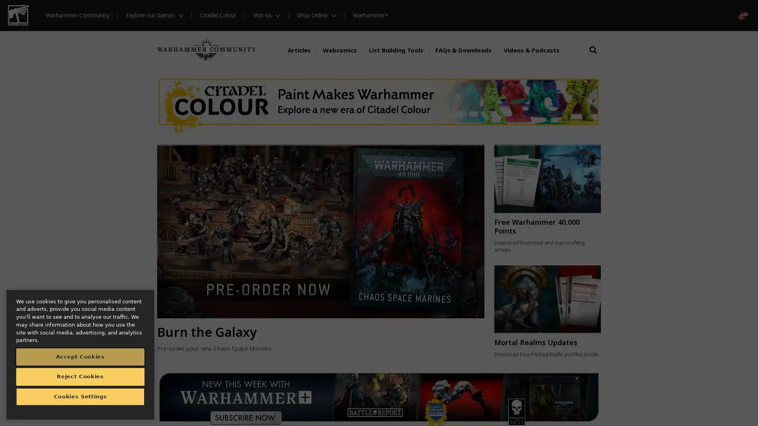 This screenshot has height=426, width=758. Describe the element at coordinates (80, 378) in the screenshot. I see `Reject Cookies` at that location.